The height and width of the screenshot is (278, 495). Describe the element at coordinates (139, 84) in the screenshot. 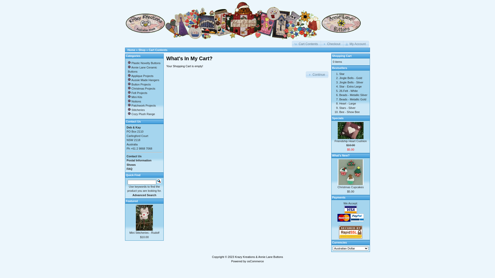

I see `' Button Projects'` at that location.